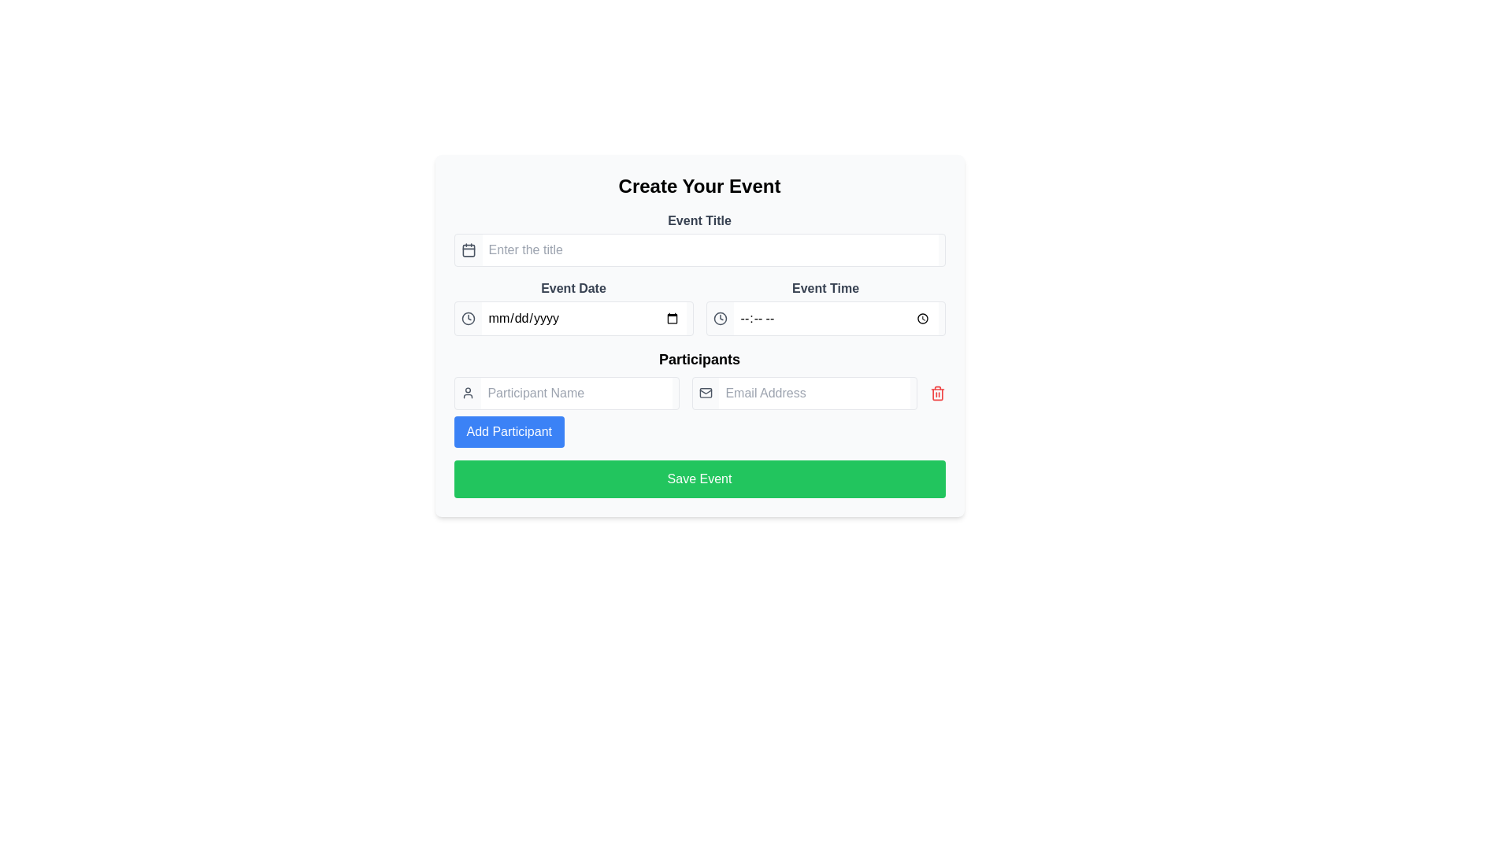 The width and height of the screenshot is (1512, 850). What do you see at coordinates (468, 249) in the screenshot?
I see `the calendar icon element located in the upper-left corner of the main form interface, which serves as a primary visual component for event scheduling` at bounding box center [468, 249].